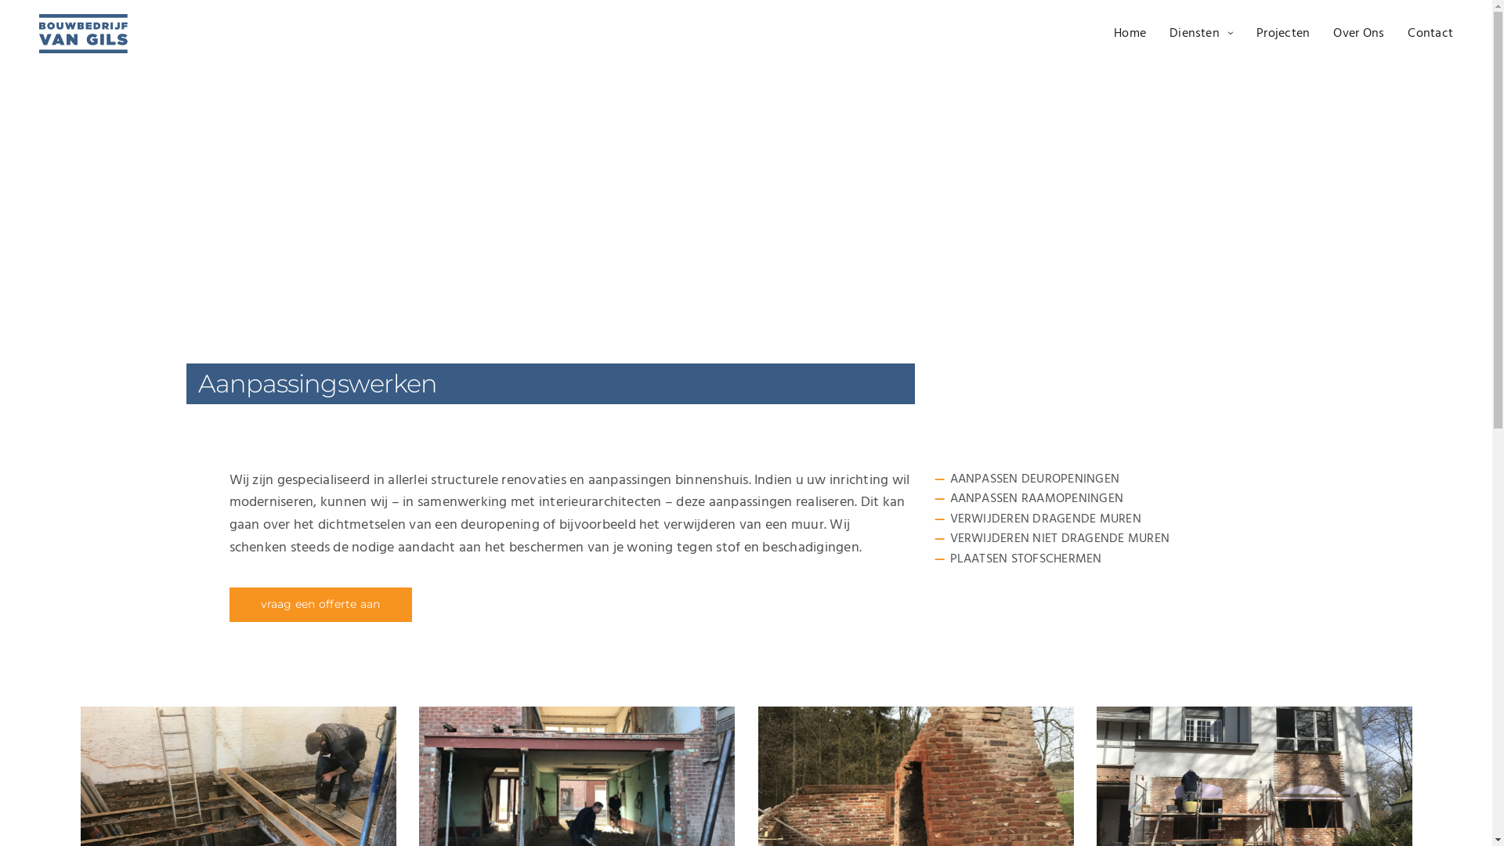 This screenshot has width=1504, height=846. Describe the element at coordinates (1130, 33) in the screenshot. I see `'Home'` at that location.